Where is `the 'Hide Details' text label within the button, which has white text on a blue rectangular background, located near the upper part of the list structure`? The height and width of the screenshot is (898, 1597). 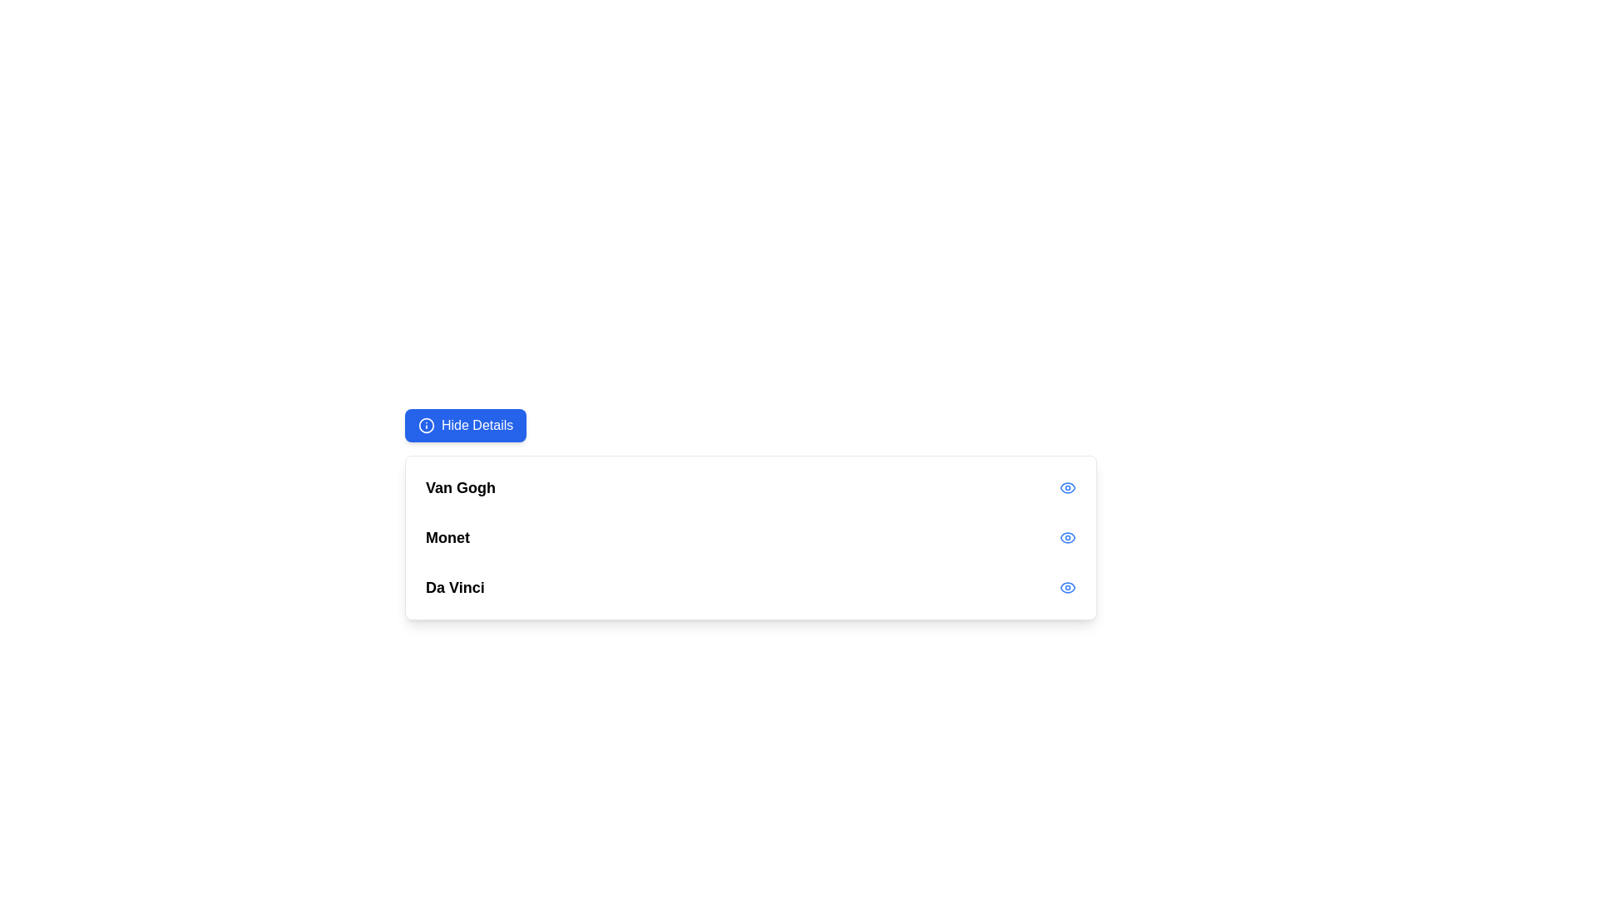
the 'Hide Details' text label within the button, which has white text on a blue rectangular background, located near the upper part of the list structure is located at coordinates (477, 425).